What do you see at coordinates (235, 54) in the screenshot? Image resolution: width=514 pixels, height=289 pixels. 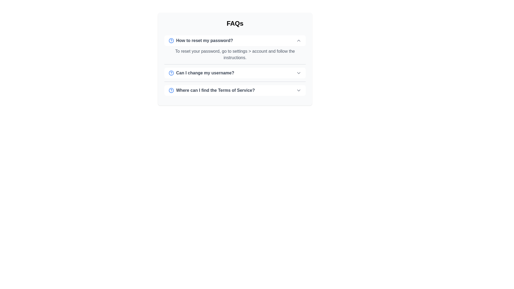 I see `the textual paragraph styled with gray font, located below the question 'How to reset my password?' in the FAQ section` at bounding box center [235, 54].